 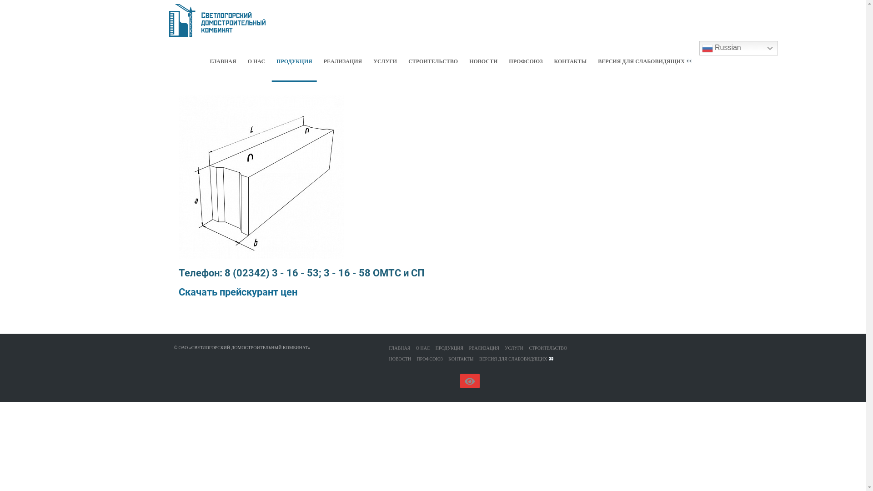 What do you see at coordinates (738, 48) in the screenshot?
I see `'Russian'` at bounding box center [738, 48].